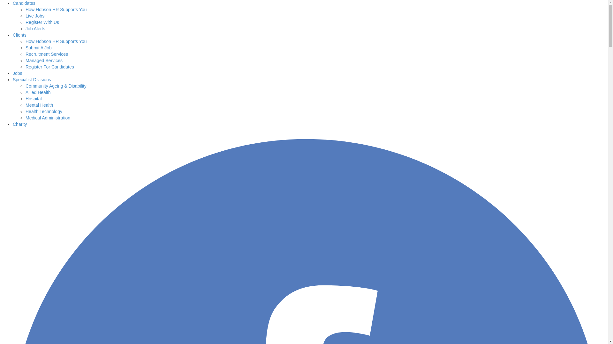  Describe the element at coordinates (24, 3) in the screenshot. I see `'Candidates'` at that location.